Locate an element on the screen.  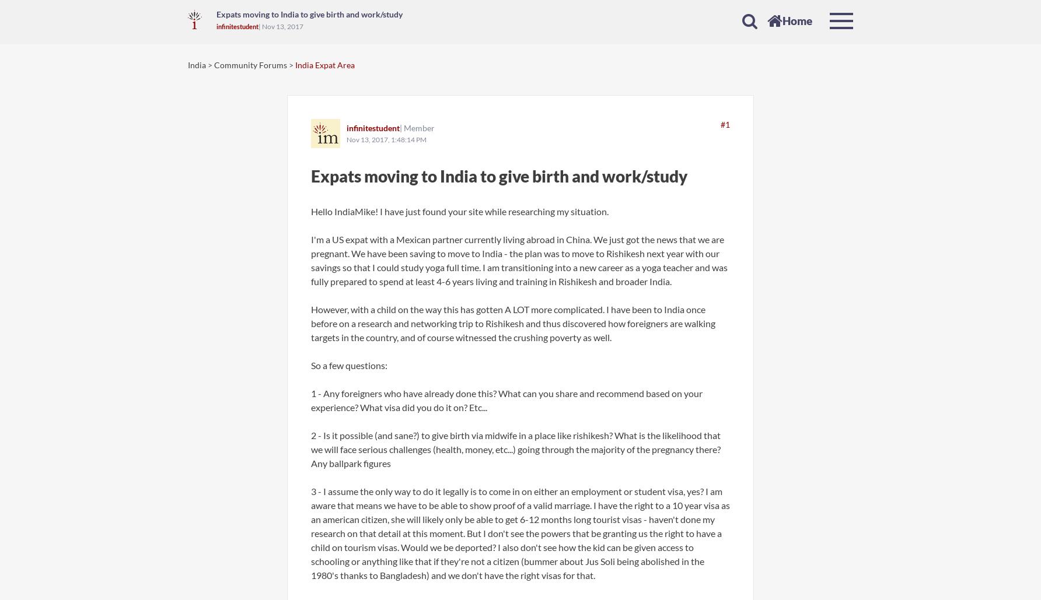
'Community Forums' is located at coordinates (251, 64).